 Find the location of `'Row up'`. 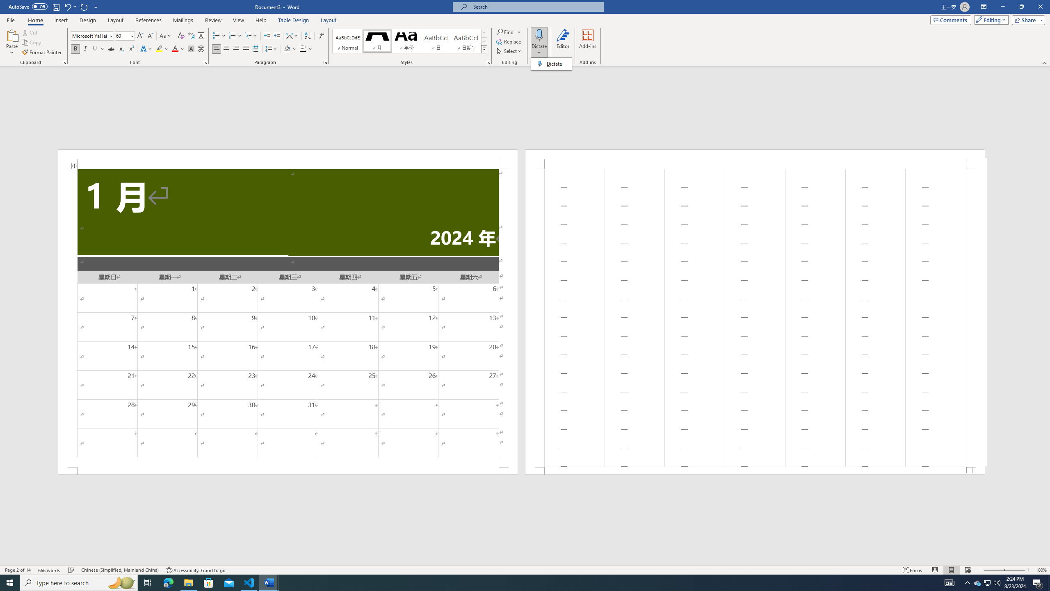

'Row up' is located at coordinates (484, 33).